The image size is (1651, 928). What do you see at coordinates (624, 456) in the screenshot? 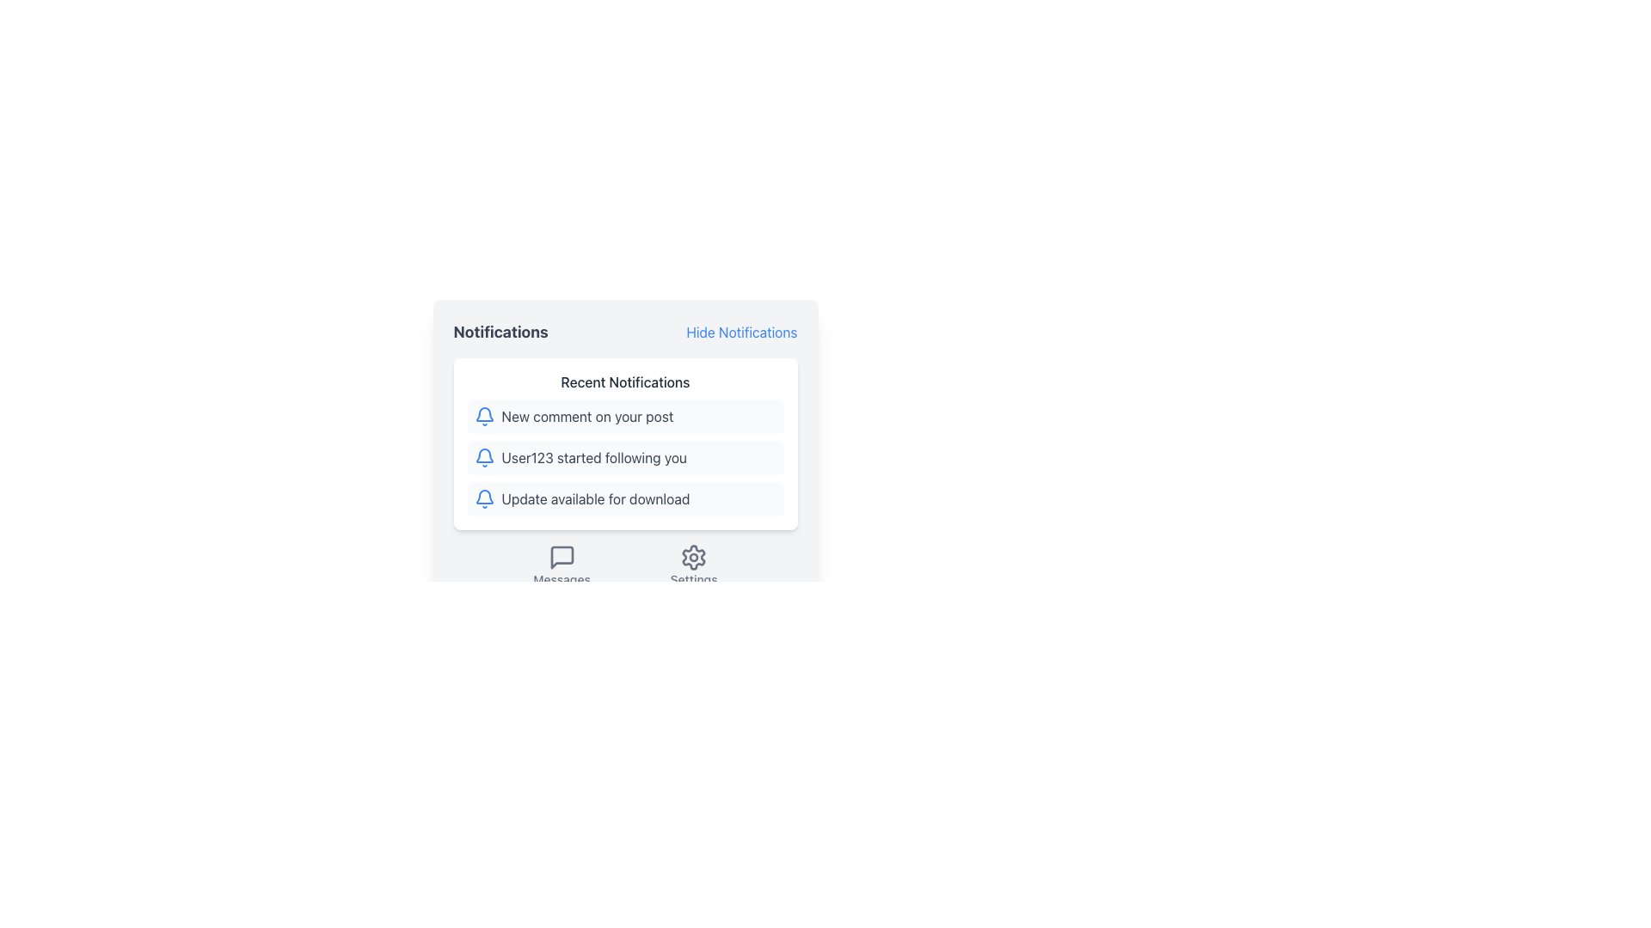
I see `the notification entry that displays 'User123 started following you', which is the second item in the notifications list, featuring a blue bell icon on the left and a light gray background` at bounding box center [624, 456].